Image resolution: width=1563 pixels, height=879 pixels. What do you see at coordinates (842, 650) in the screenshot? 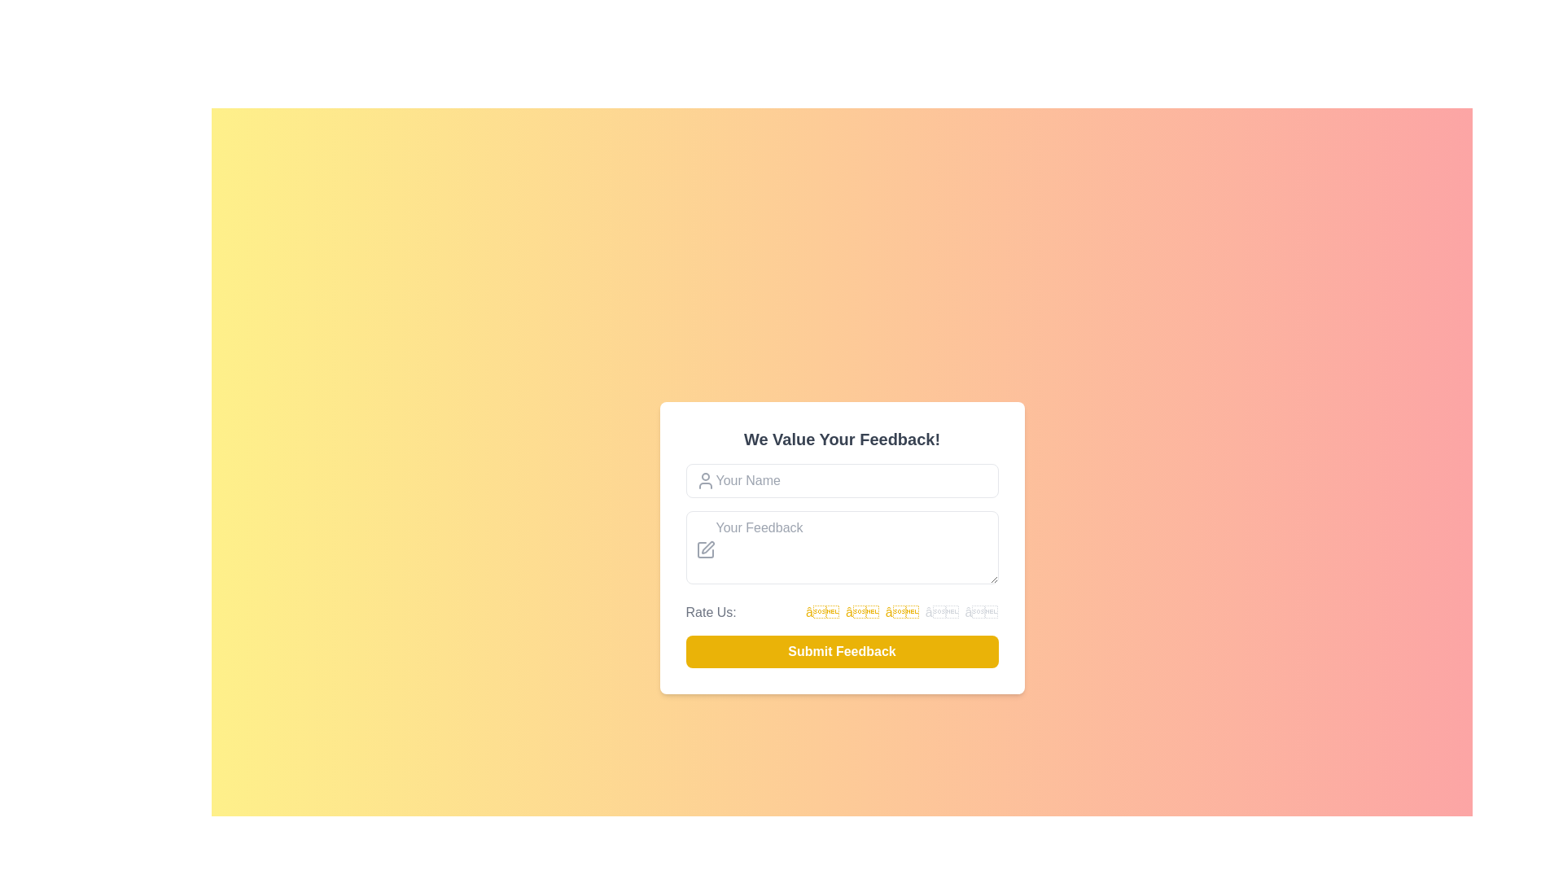
I see `the feedback submission button located at the bottom of the feedback form` at bounding box center [842, 650].